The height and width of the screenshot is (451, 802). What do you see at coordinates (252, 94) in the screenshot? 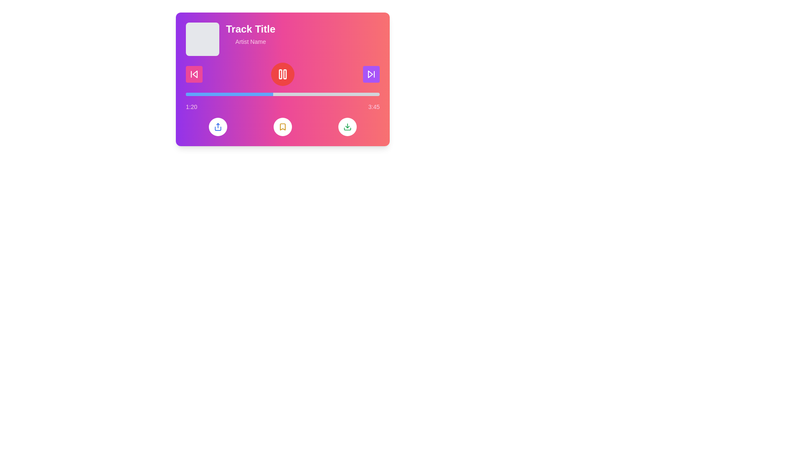
I see `playback progress` at bounding box center [252, 94].